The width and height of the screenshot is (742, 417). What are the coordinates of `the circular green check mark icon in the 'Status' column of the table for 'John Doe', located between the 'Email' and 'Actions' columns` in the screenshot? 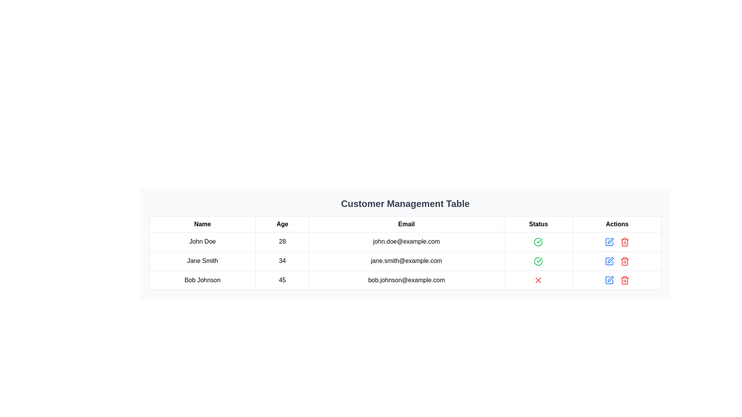 It's located at (538, 241).